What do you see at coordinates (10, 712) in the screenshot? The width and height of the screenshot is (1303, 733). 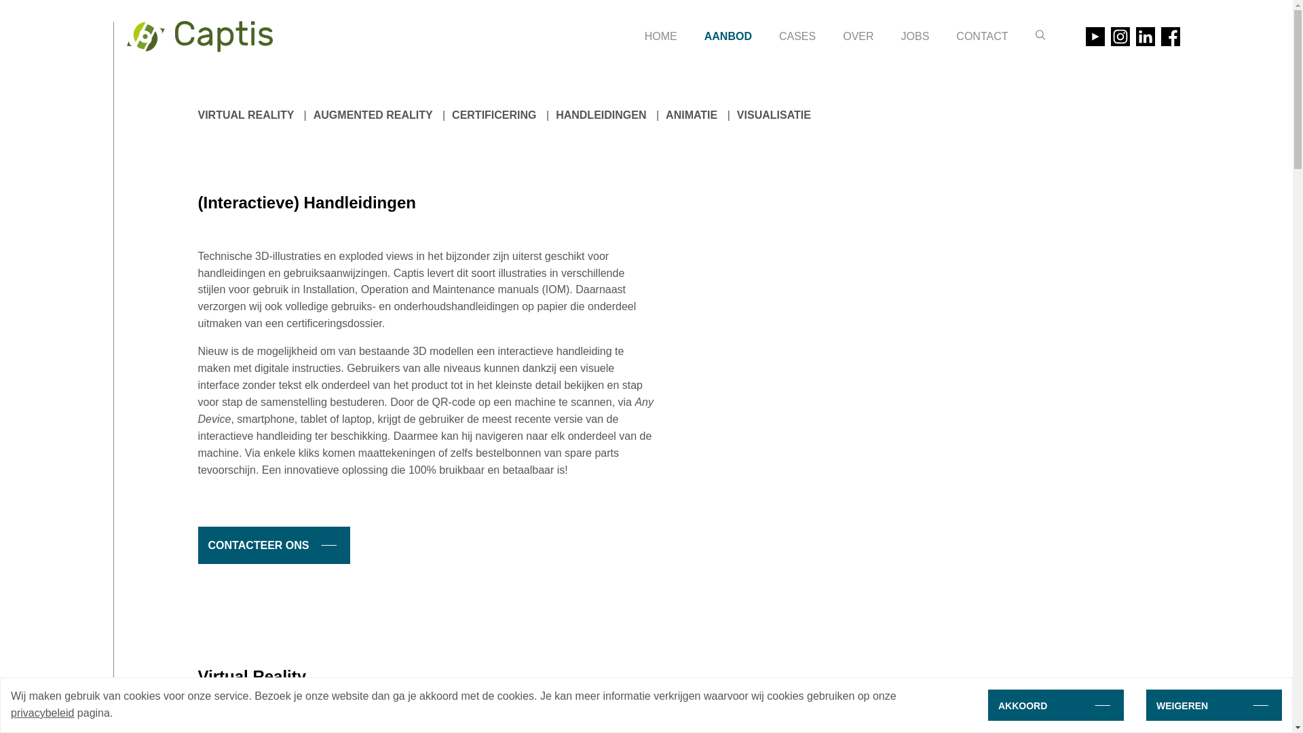 I see `'privacybeleid'` at bounding box center [10, 712].